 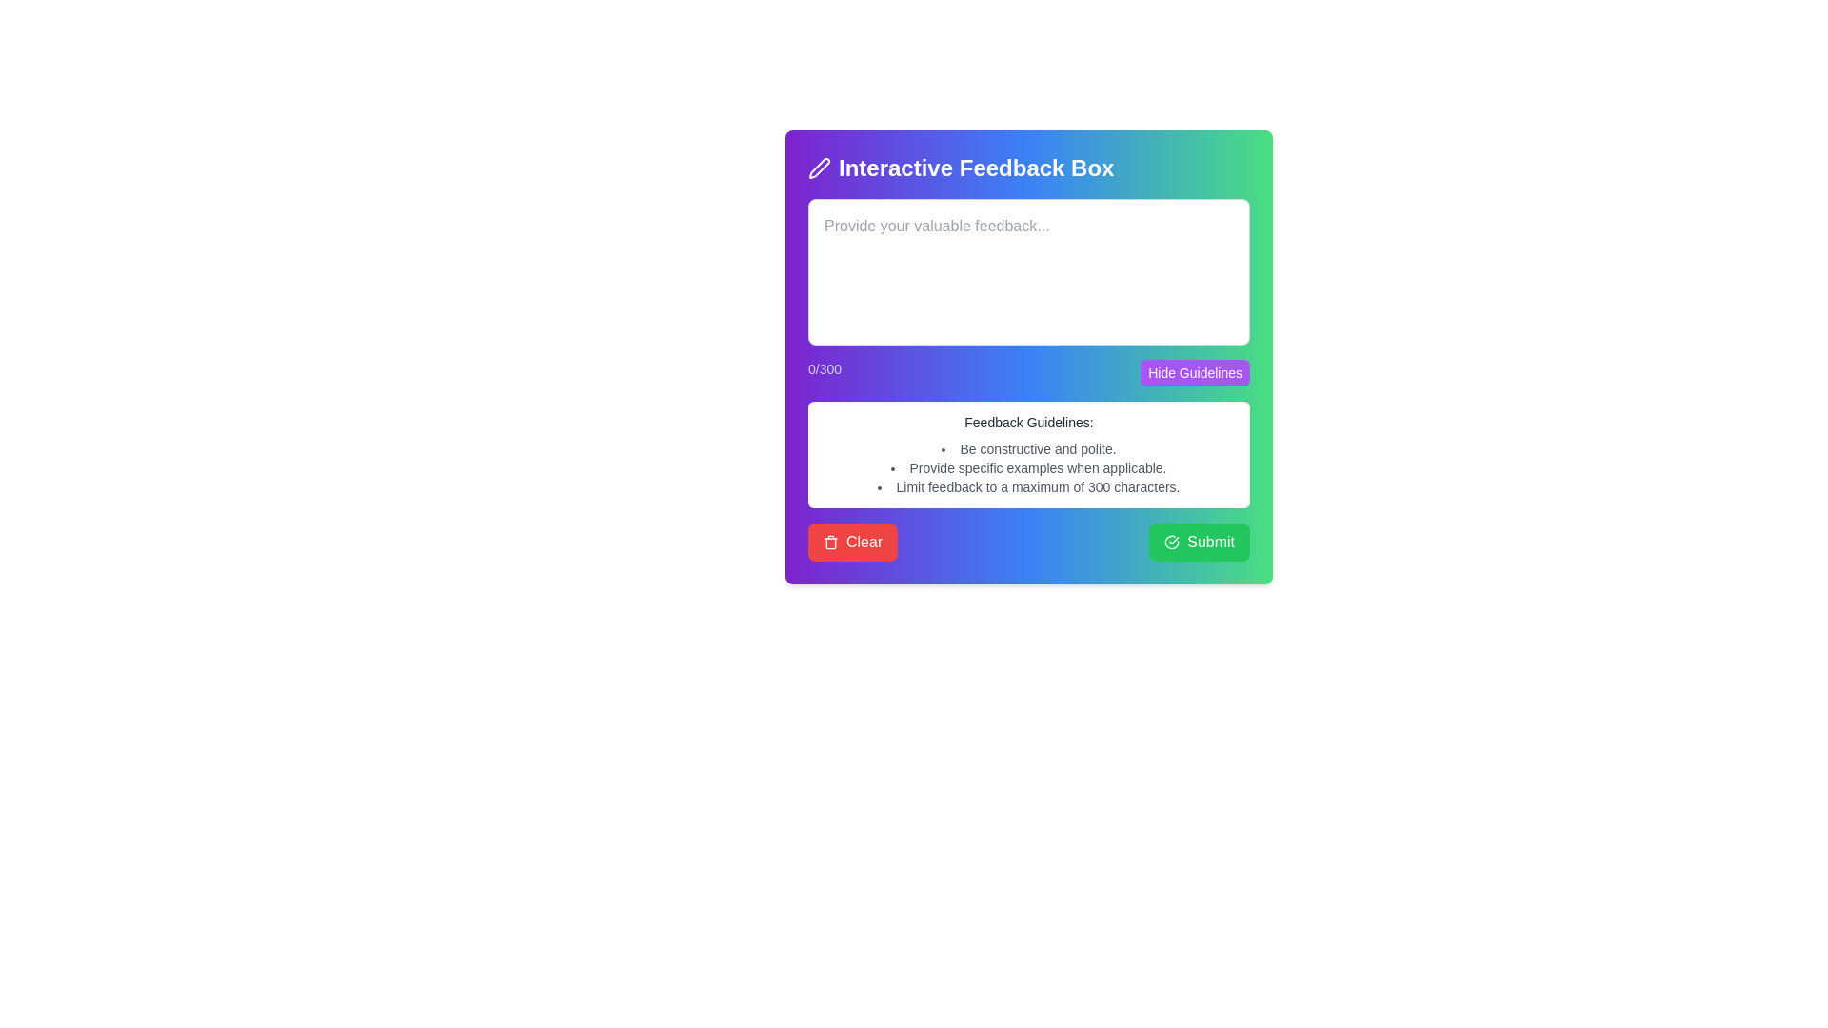 What do you see at coordinates (852, 543) in the screenshot?
I see `the red rectangular button with a white trash can icon and the text 'Clear' to clear the input field` at bounding box center [852, 543].